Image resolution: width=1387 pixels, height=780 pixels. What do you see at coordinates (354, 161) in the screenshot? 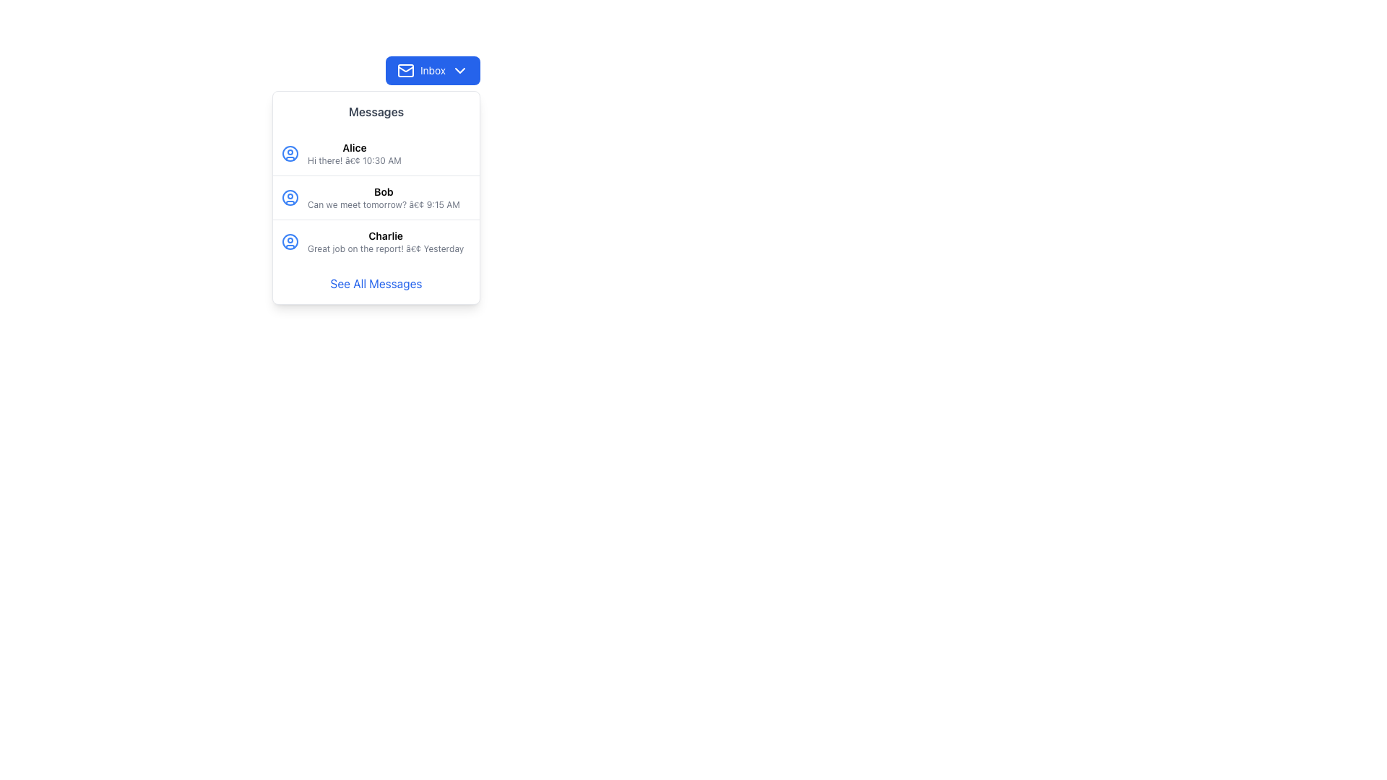
I see `text element that displays a brief preview of Alice's message and its timestamp, located in the first row of a list` at bounding box center [354, 161].